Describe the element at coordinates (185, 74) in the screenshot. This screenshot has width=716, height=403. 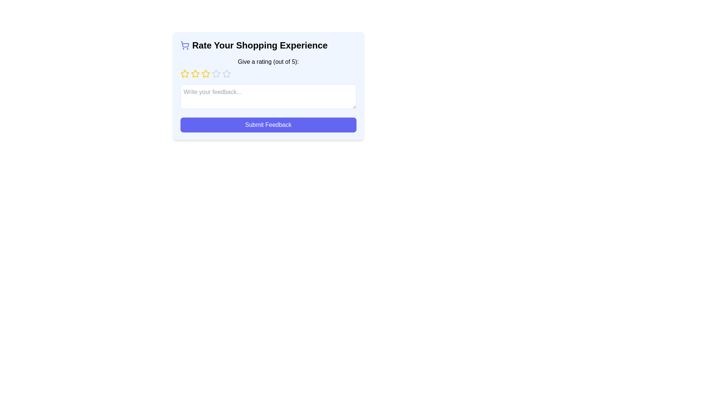
I see `the first yellow star icon in the rating section, which is highlighted, to emphasize it for user interaction` at that location.